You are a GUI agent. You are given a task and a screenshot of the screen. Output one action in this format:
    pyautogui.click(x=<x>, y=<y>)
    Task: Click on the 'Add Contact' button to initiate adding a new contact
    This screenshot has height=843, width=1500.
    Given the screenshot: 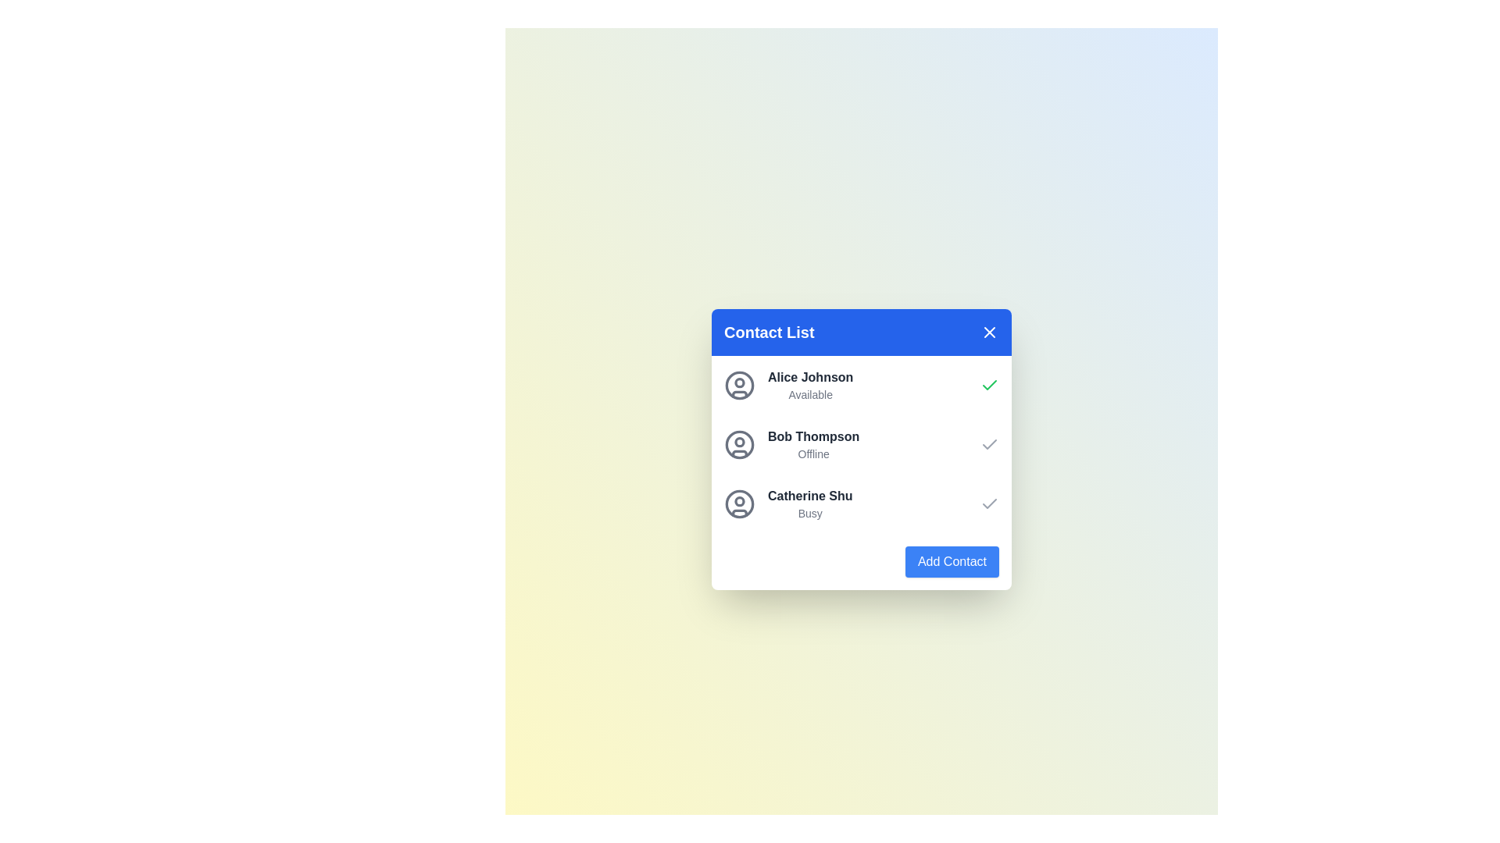 What is the action you would take?
    pyautogui.click(x=951, y=562)
    